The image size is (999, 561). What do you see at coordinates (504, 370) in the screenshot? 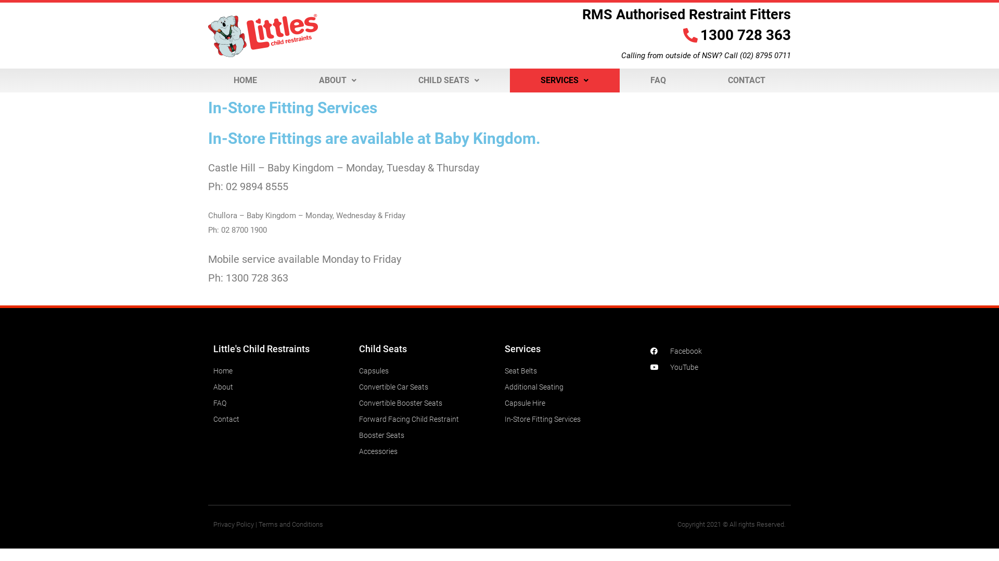
I see `'Seat Belts'` at bounding box center [504, 370].